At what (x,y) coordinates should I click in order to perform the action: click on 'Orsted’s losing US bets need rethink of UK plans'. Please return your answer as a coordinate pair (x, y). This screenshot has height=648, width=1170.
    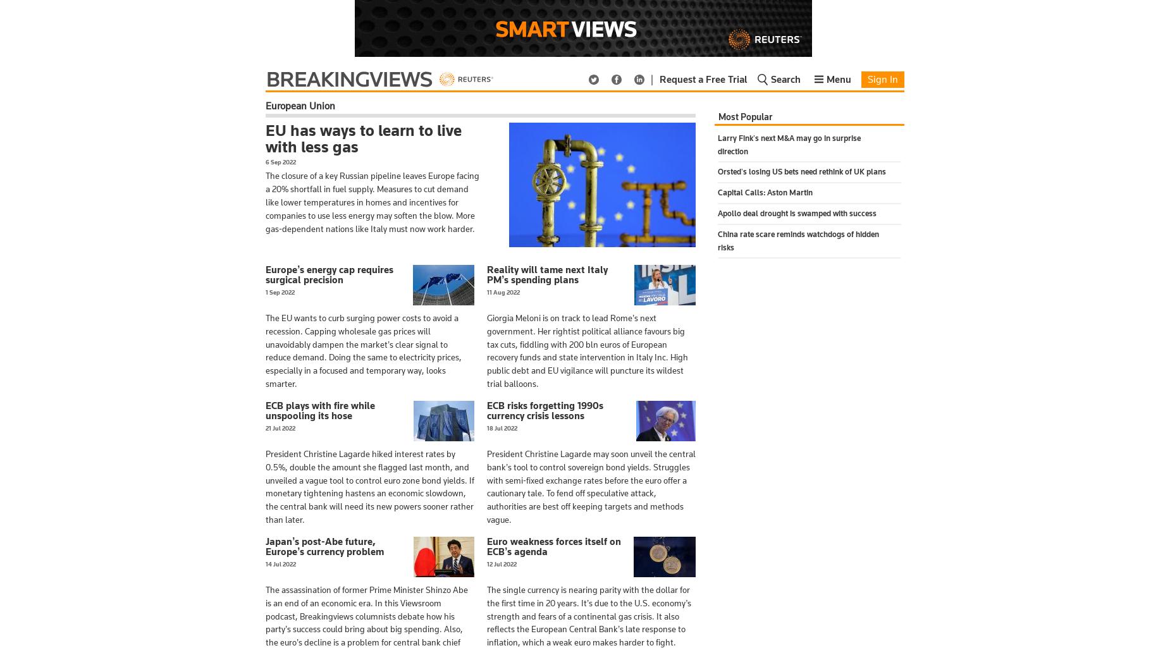
    Looking at the image, I should click on (801, 171).